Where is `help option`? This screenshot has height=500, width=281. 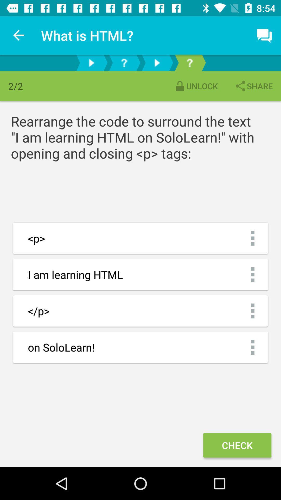
help option is located at coordinates (124, 63).